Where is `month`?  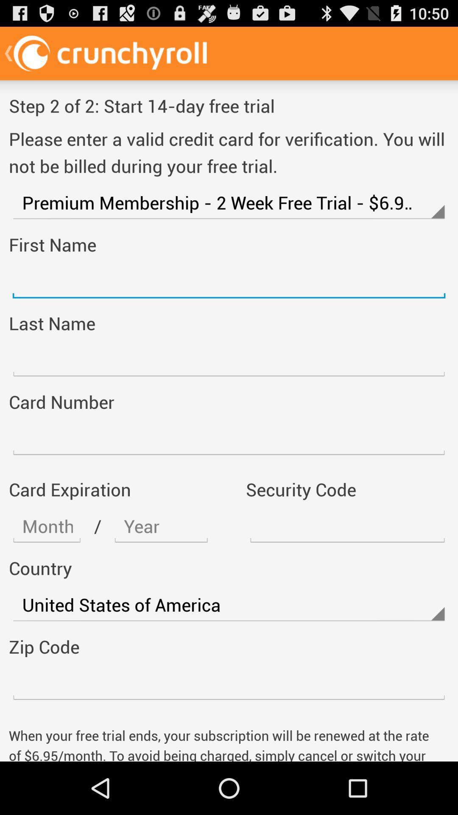 month is located at coordinates (47, 526).